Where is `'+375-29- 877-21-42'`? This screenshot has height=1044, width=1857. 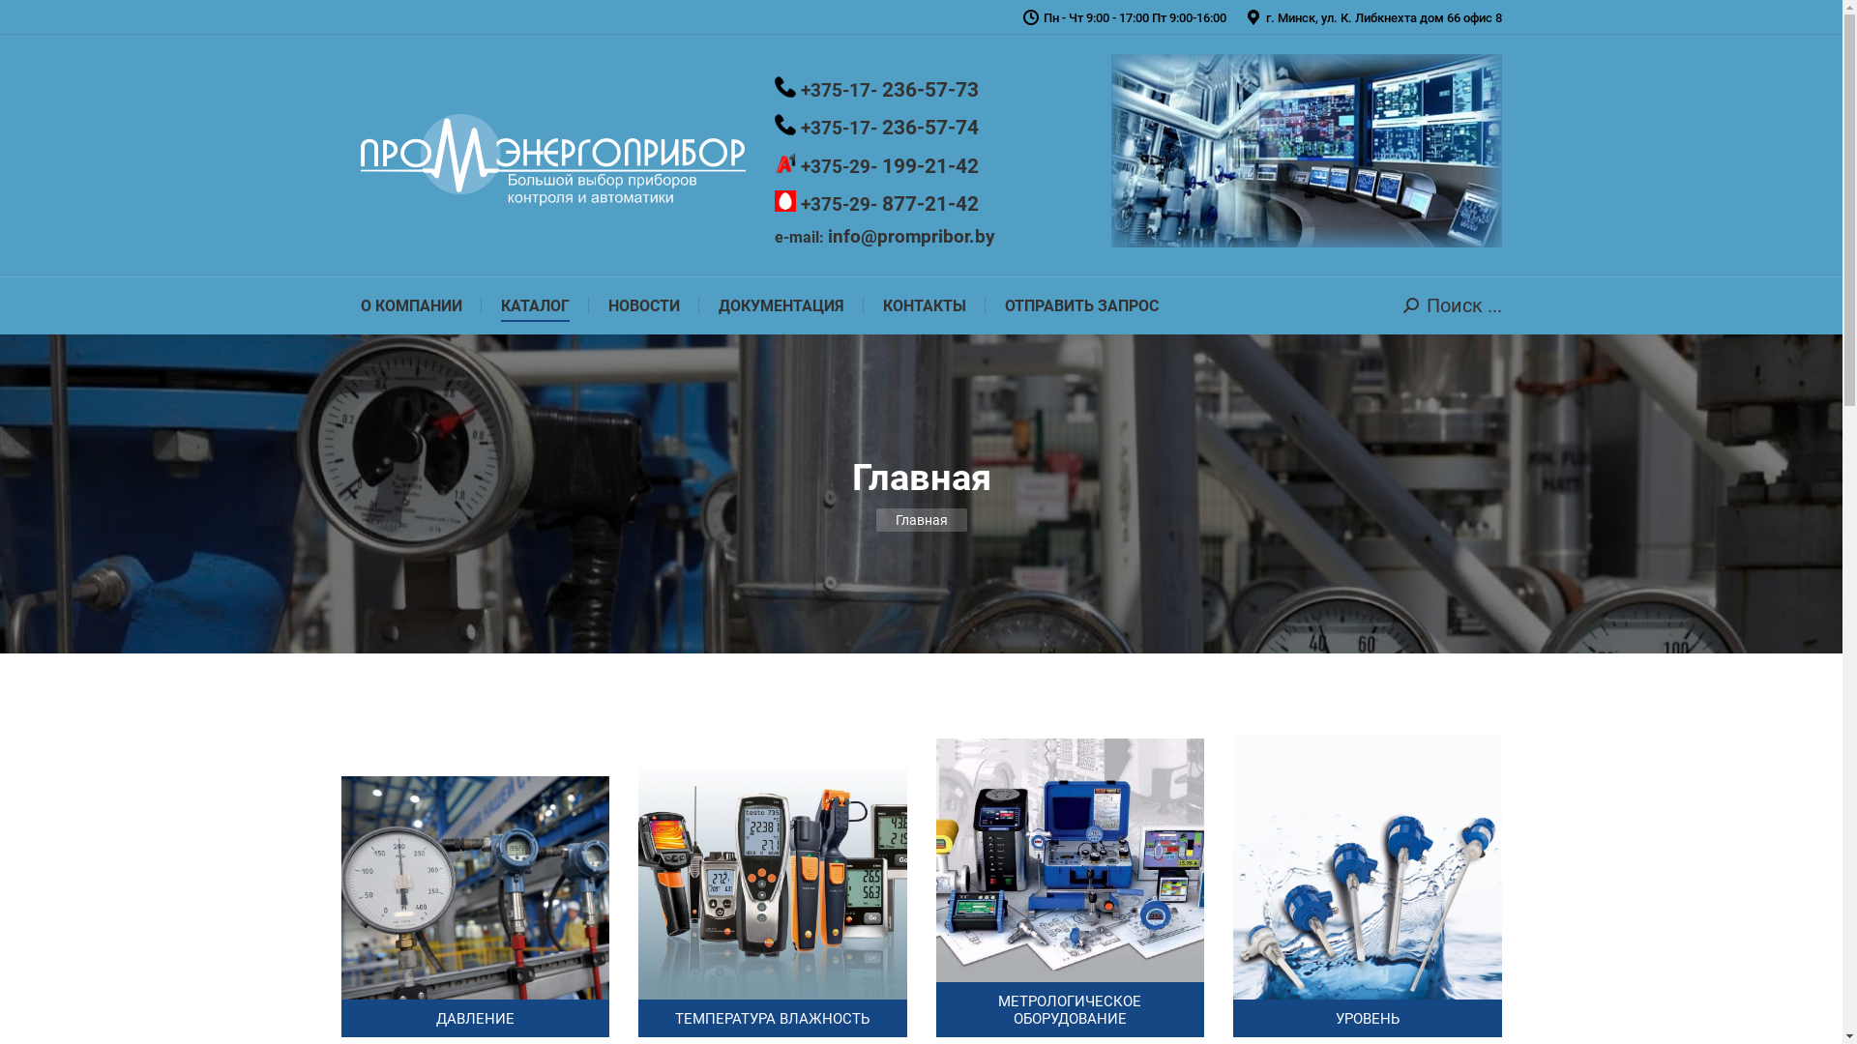 '+375-29- 877-21-42' is located at coordinates (874, 205).